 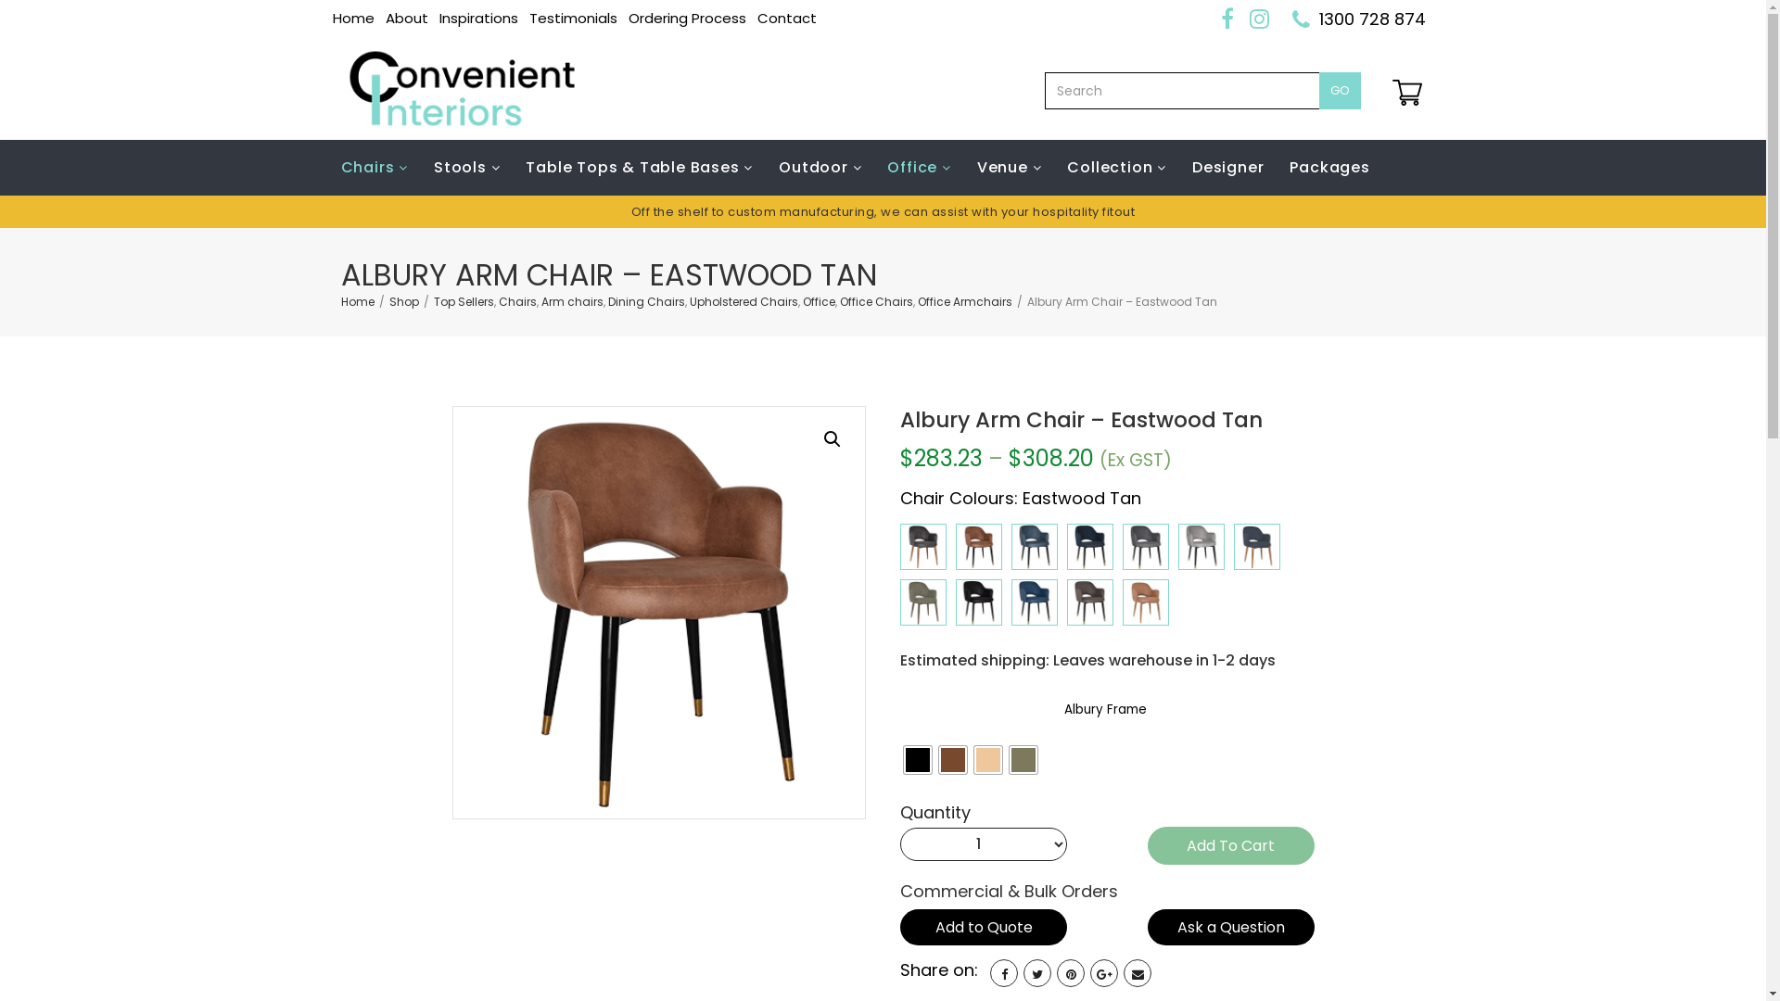 What do you see at coordinates (964, 300) in the screenshot?
I see `'Office Armchairs'` at bounding box center [964, 300].